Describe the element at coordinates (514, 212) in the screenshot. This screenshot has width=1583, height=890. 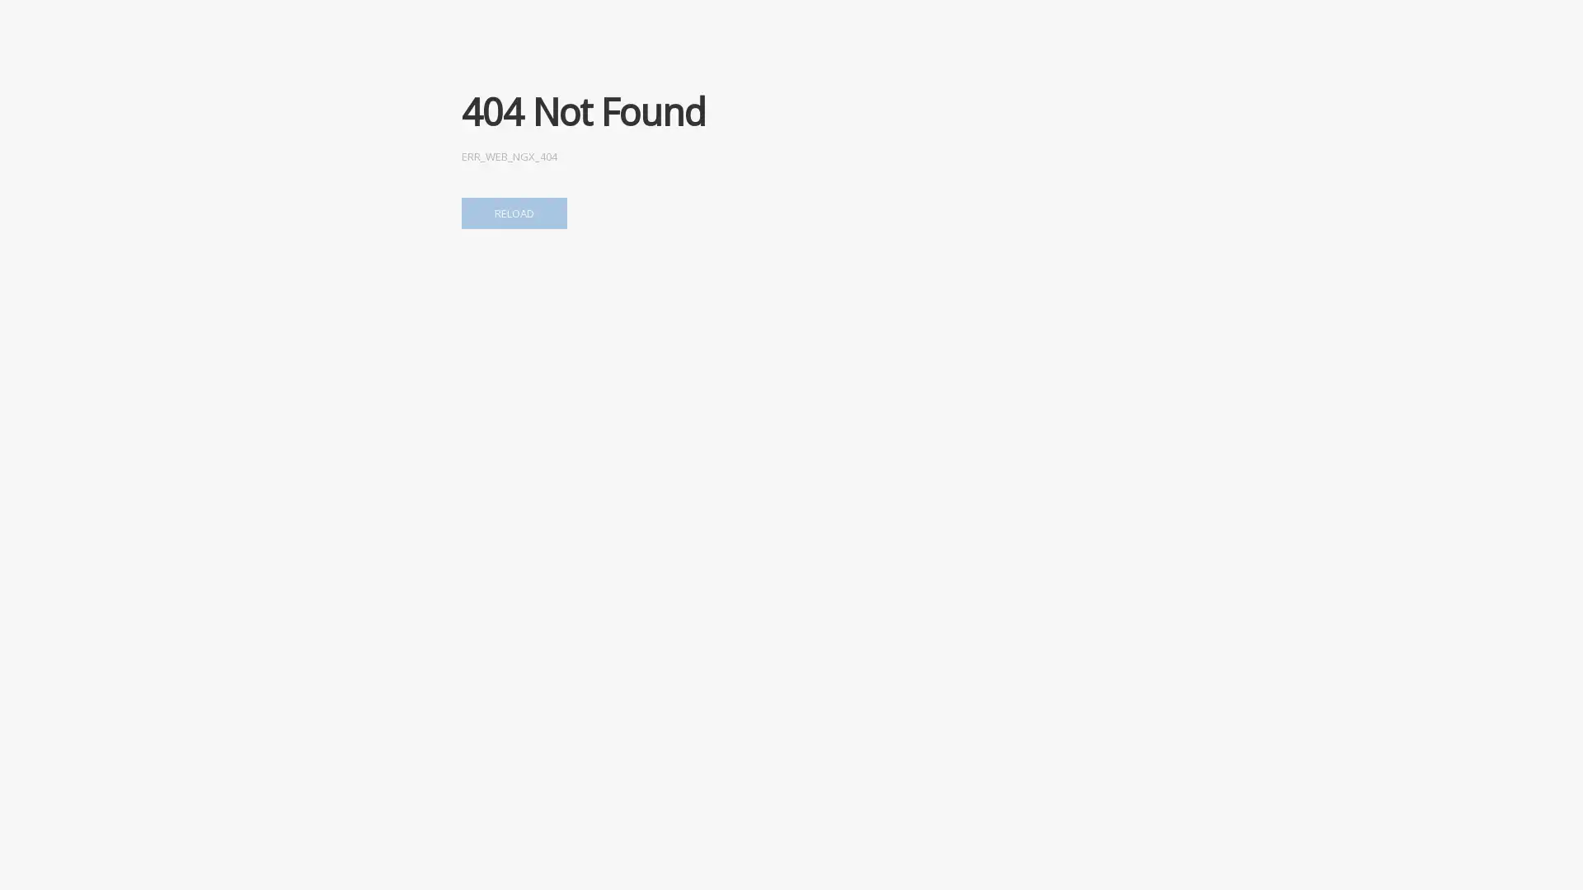
I see `RELOAD` at that location.